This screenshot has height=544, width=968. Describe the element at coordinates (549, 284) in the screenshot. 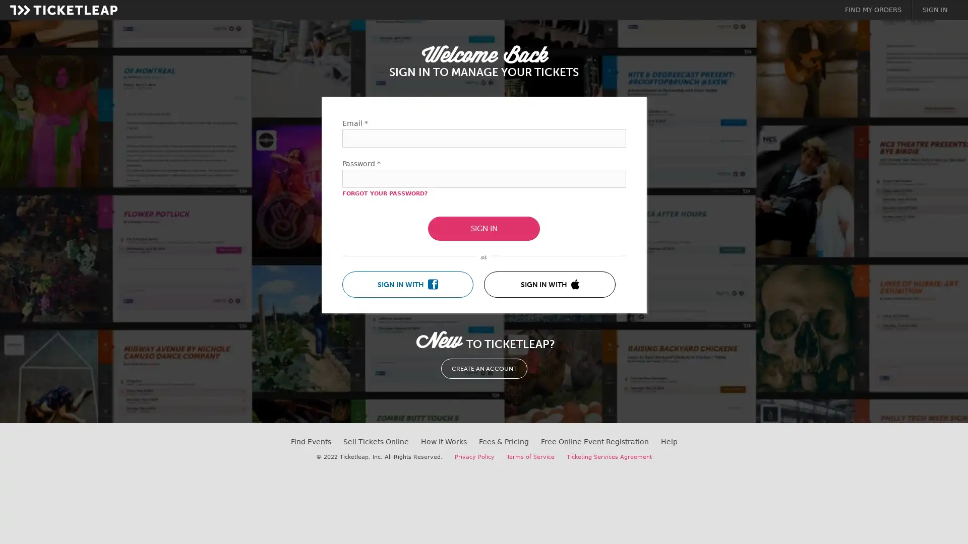

I see `SIGN IN WITH` at that location.